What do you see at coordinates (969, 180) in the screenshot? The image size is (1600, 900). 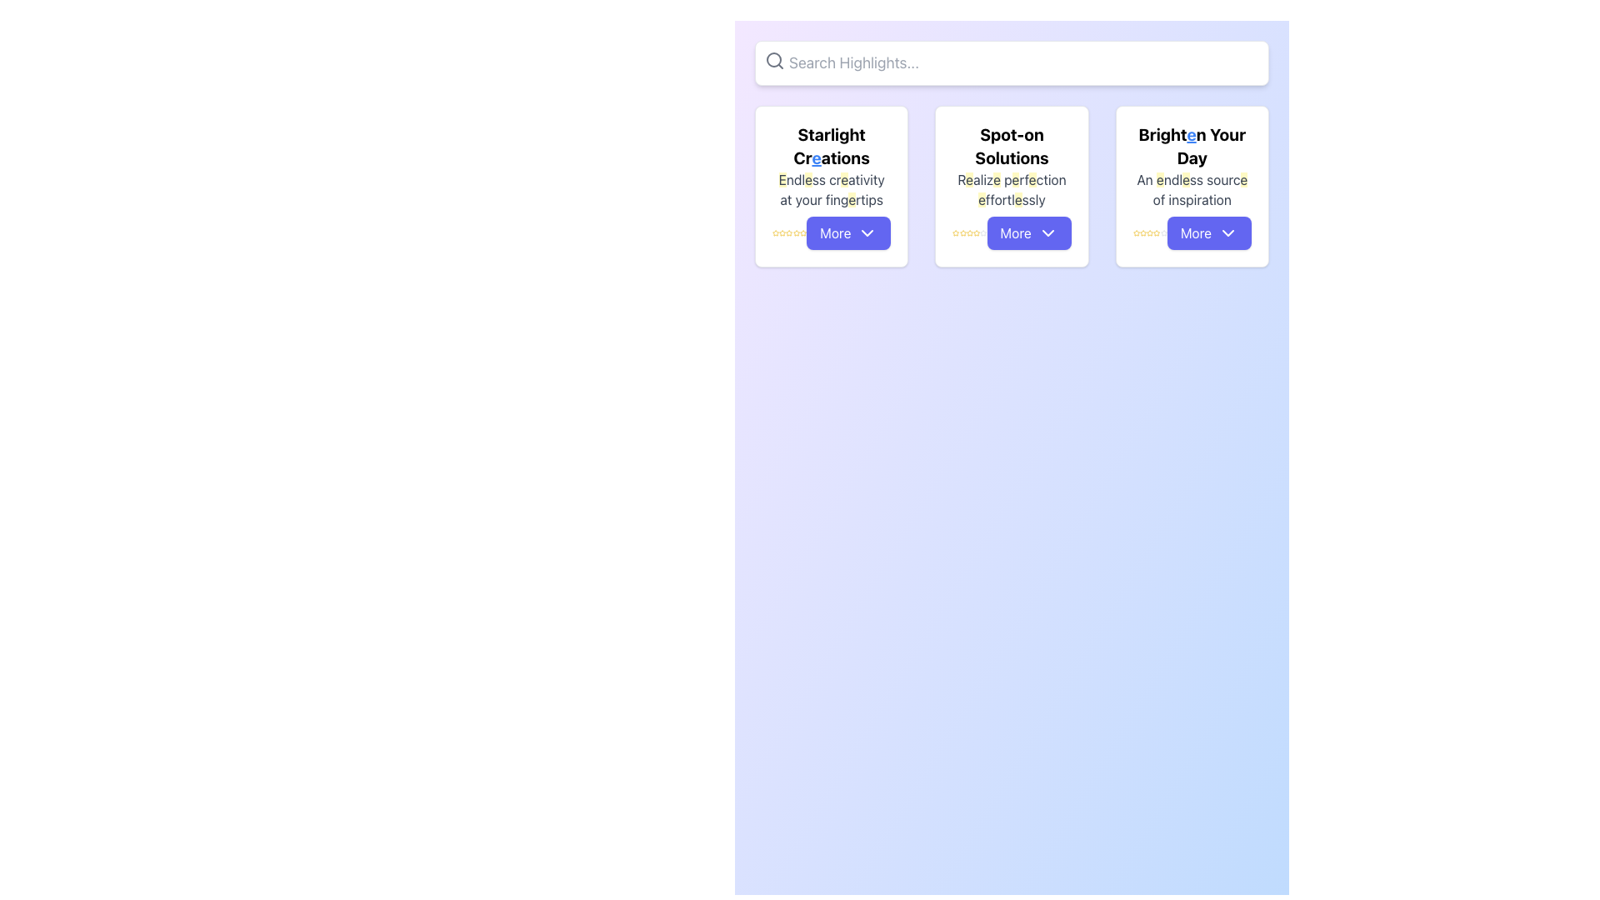 I see `the character 'e' with a light yellow background in the text 'Realize' under the header 'Spot-on Solutions' located at the top of the second card` at bounding box center [969, 180].